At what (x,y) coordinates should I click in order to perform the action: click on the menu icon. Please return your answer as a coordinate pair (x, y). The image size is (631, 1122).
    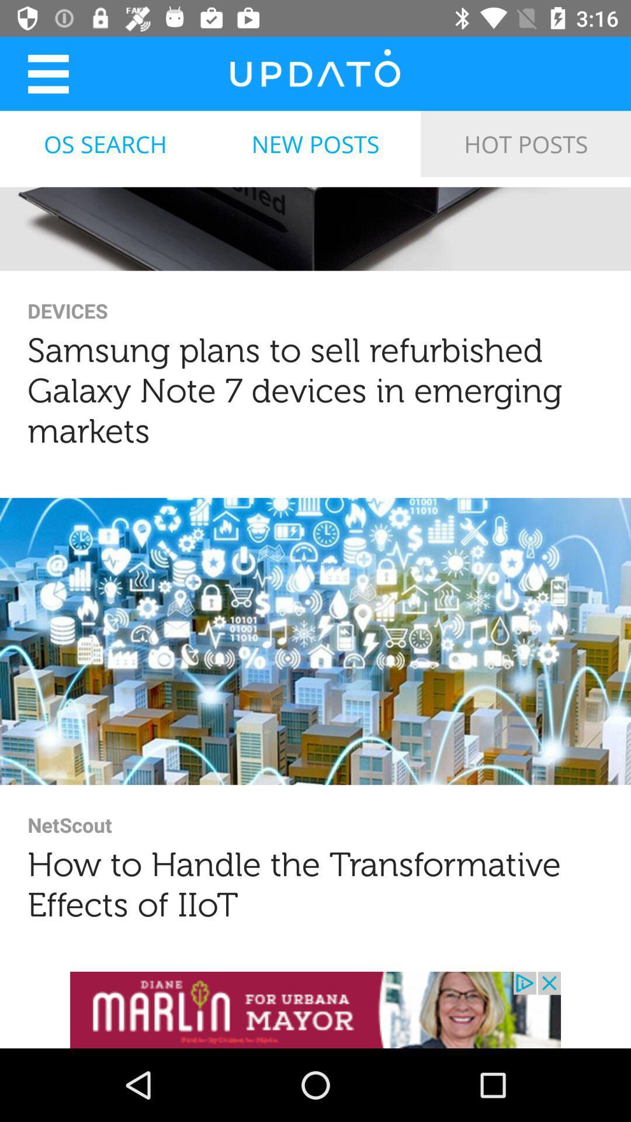
    Looking at the image, I should click on (47, 73).